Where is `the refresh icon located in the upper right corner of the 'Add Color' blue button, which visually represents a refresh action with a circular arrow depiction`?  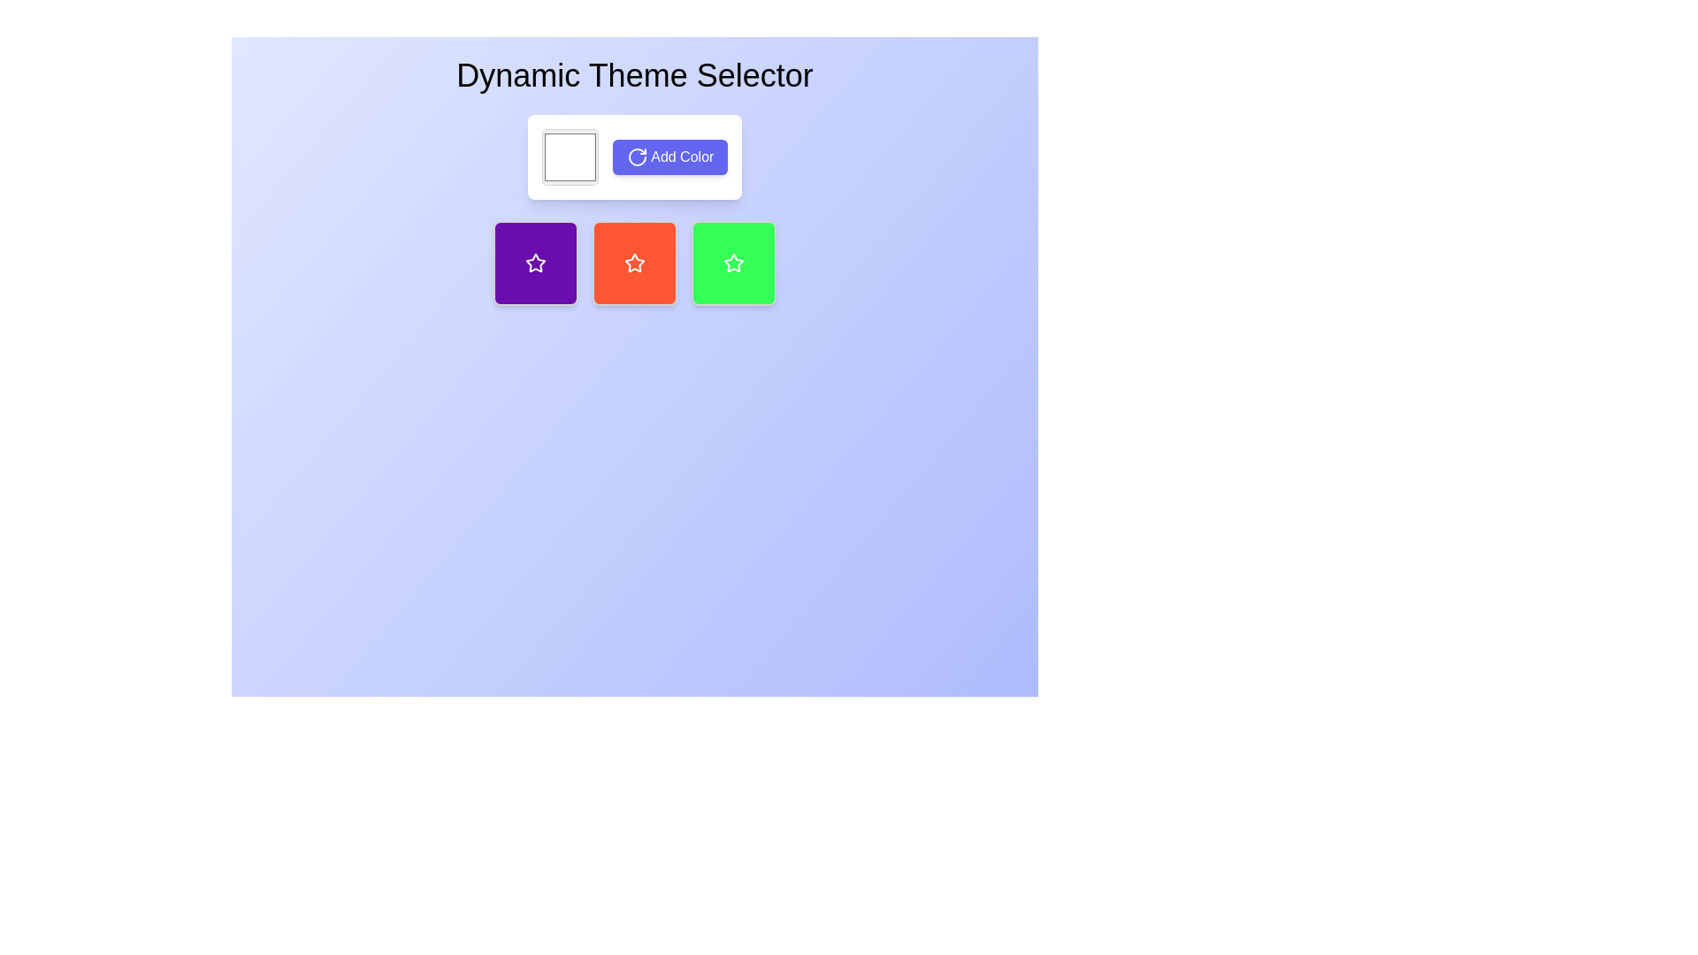 the refresh icon located in the upper right corner of the 'Add Color' blue button, which visually represents a refresh action with a circular arrow depiction is located at coordinates (637, 157).